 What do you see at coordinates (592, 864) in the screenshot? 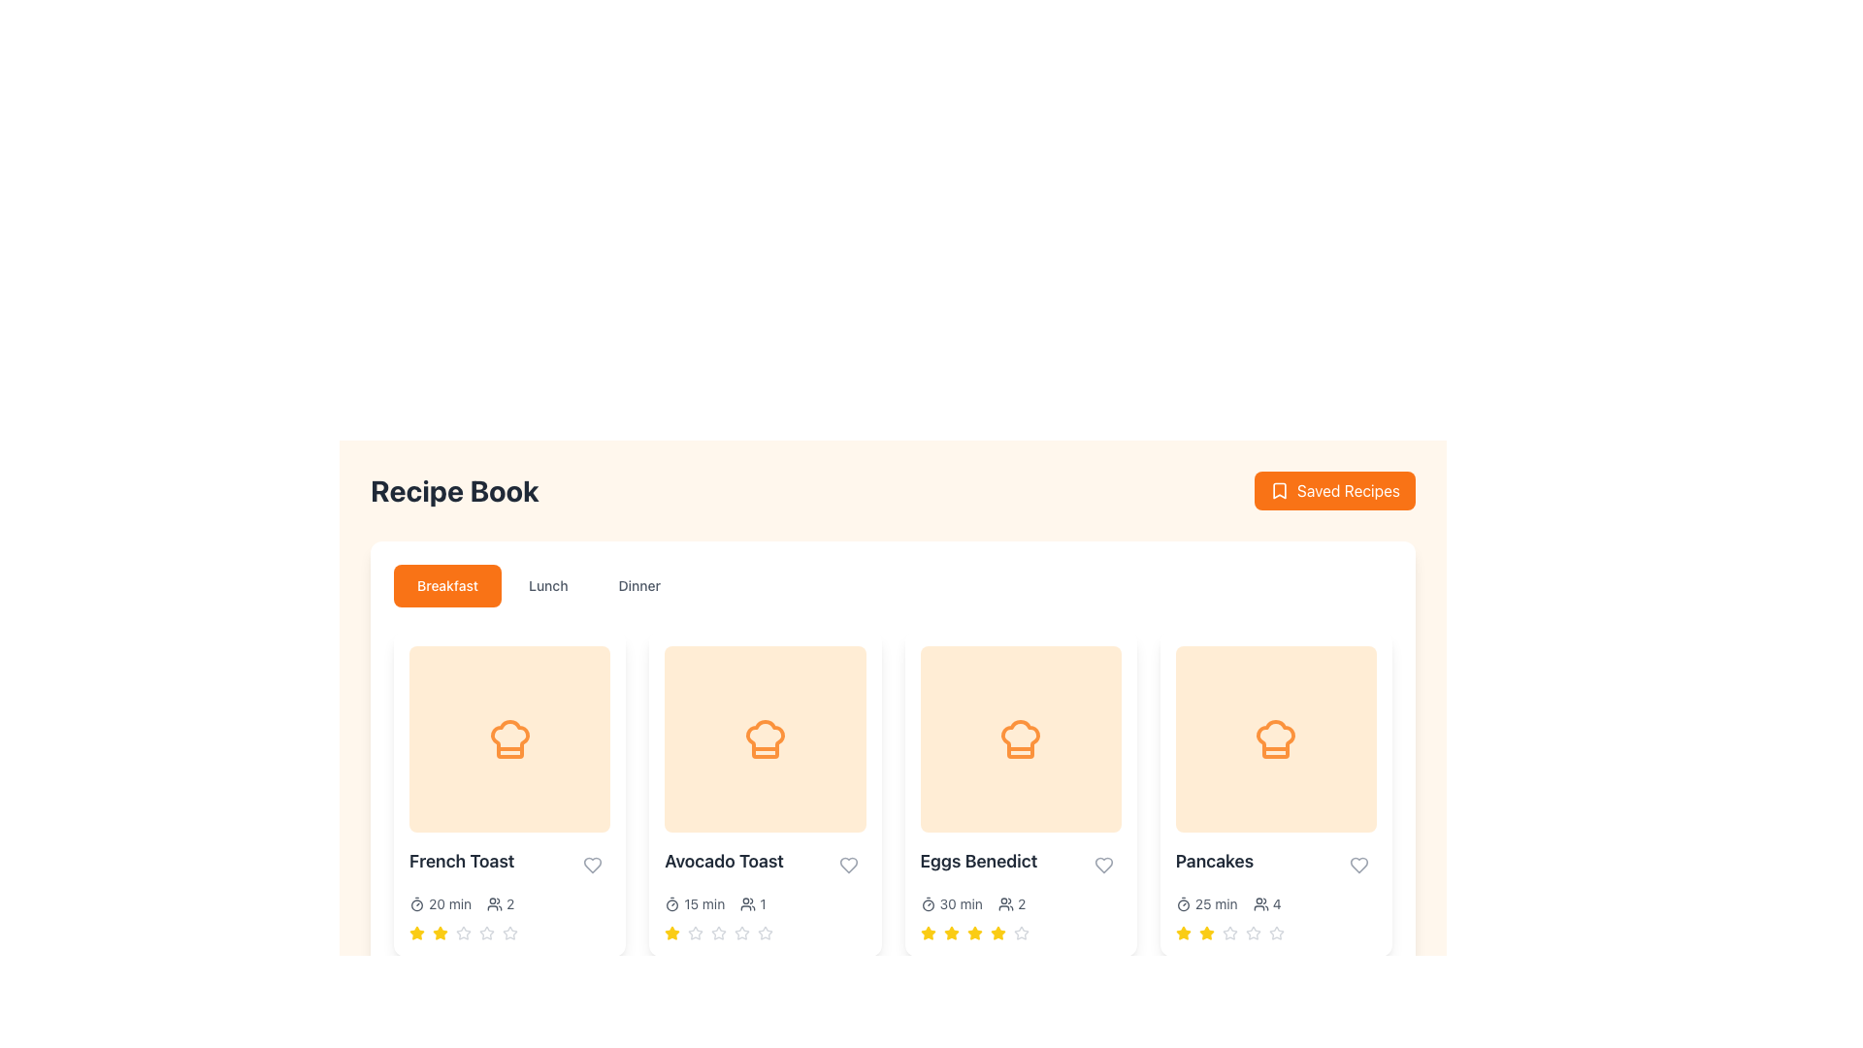
I see `the Heart Icon within the 'French Toast' recipe card to mark the recipe as a favorite` at bounding box center [592, 864].